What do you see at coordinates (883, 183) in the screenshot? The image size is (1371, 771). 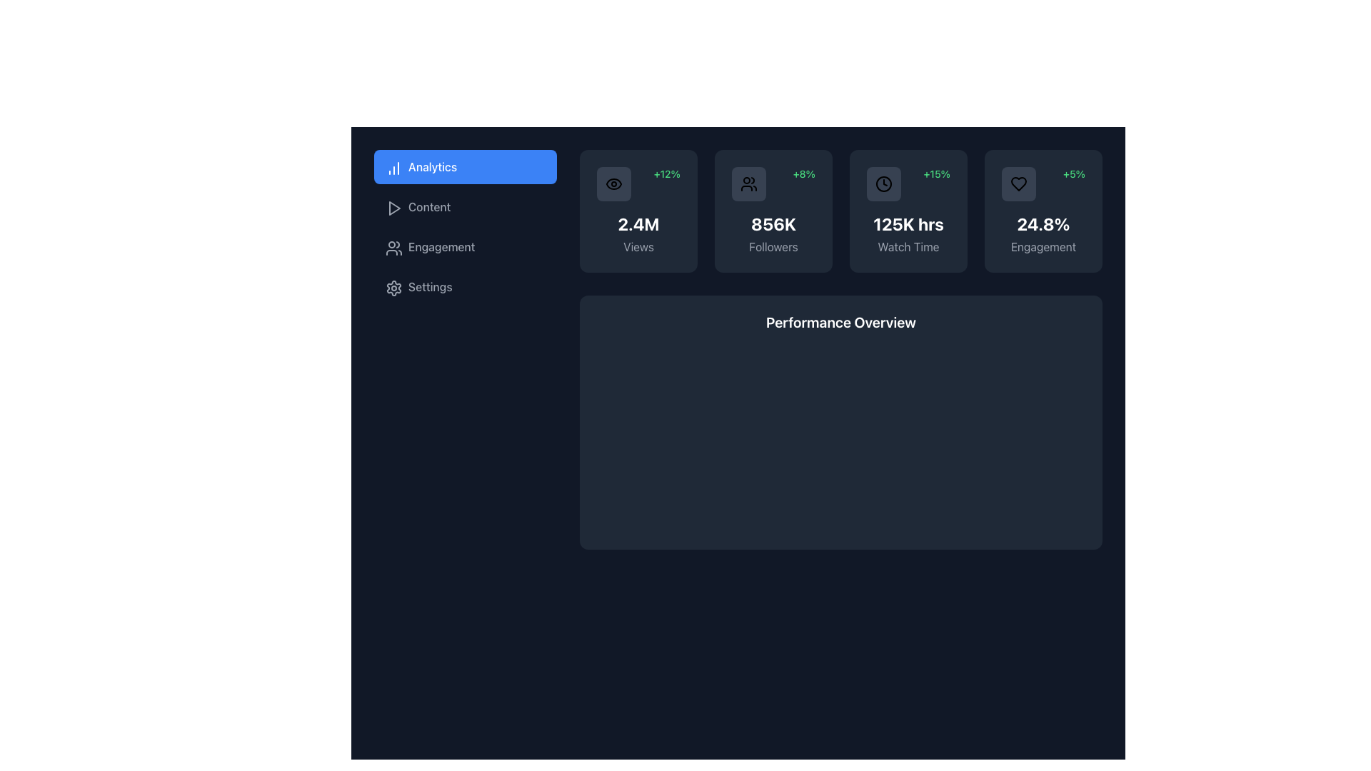 I see `the 'watch time' icon located in the top bar of the third statistics card from the left` at bounding box center [883, 183].